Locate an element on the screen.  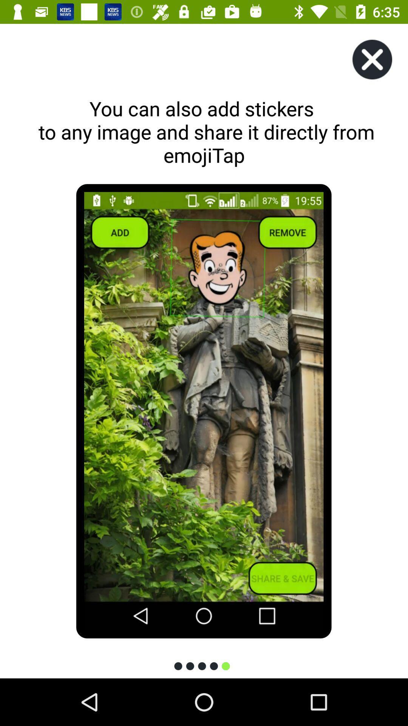
the icon at the top right corner is located at coordinates (372, 59).